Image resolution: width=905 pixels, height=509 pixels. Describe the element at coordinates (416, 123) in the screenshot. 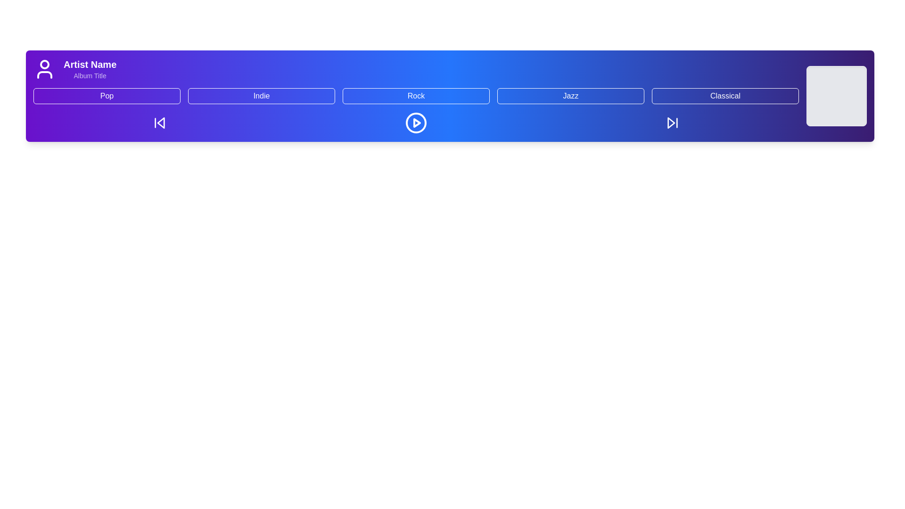

I see `the triangular play icon located centrally inside the circular button at the bottom center of the navigation bar to initiate playback` at that location.